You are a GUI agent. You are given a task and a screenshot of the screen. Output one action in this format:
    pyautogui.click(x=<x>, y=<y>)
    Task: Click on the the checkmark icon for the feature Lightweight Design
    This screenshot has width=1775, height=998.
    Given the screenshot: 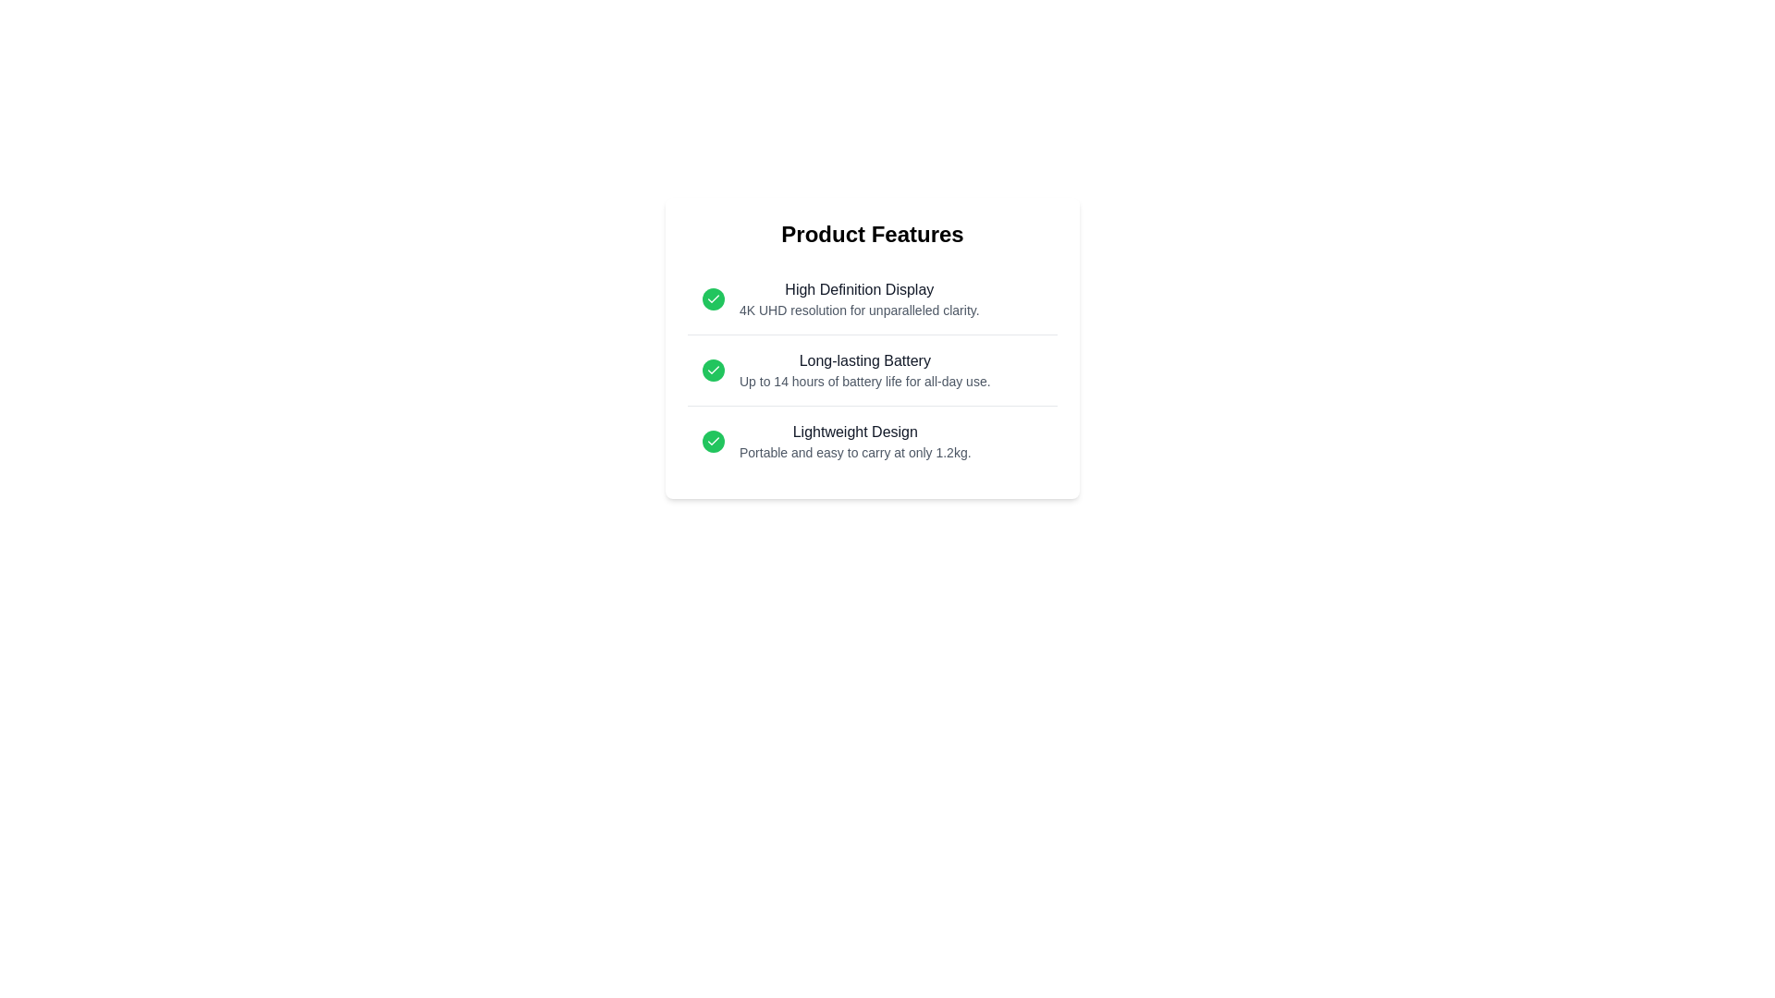 What is the action you would take?
    pyautogui.click(x=713, y=442)
    